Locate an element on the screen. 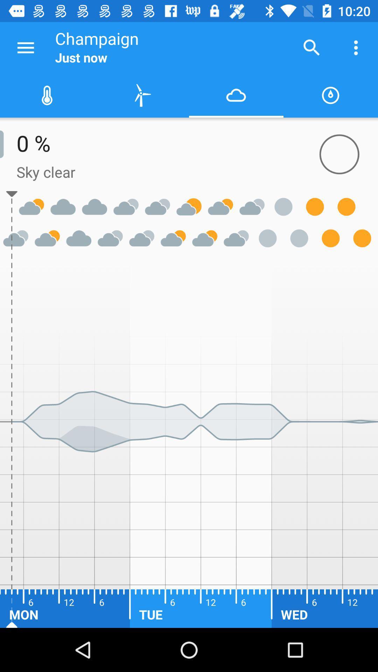 Image resolution: width=378 pixels, height=672 pixels. open options is located at coordinates (25, 47).